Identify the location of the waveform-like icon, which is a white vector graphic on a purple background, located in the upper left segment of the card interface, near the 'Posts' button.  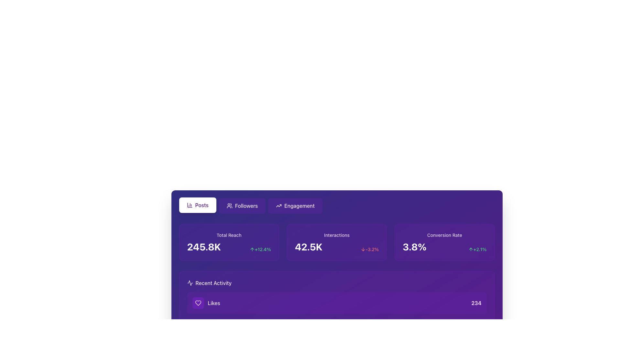
(190, 282).